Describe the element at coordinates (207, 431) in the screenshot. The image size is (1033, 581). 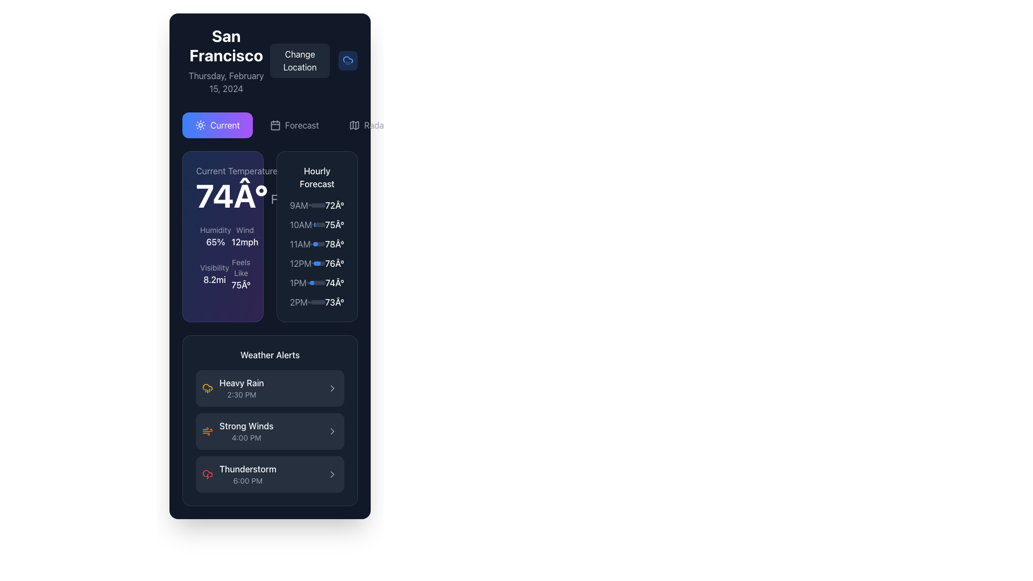
I see `the weather icon representing wind, which is styled in orange and located to the left of the 'Strong Winds' weather alert in the 'Weather Alerts' section` at that location.